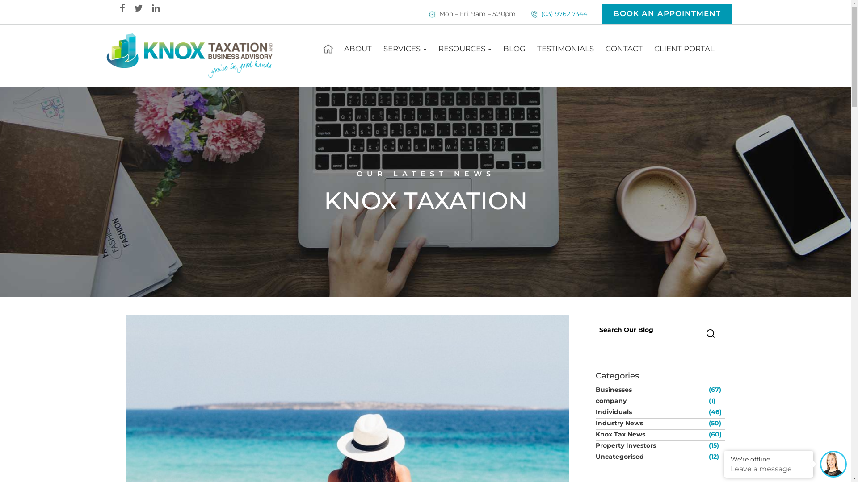 The image size is (858, 482). What do you see at coordinates (667, 13) in the screenshot?
I see `'BOOK AN APPOINTMENT'` at bounding box center [667, 13].